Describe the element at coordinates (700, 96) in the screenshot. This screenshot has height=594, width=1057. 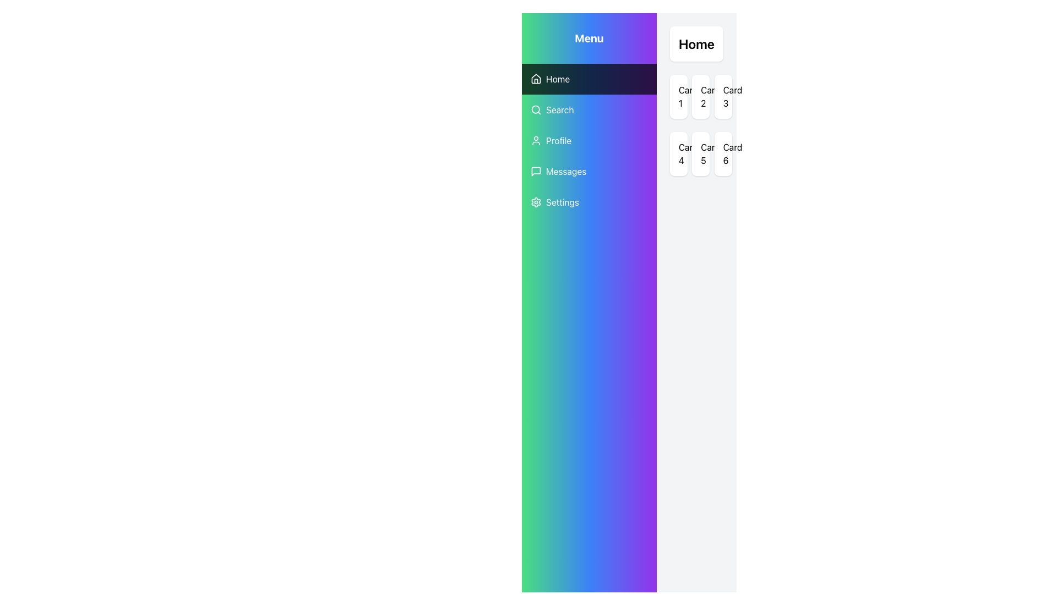
I see `the second card in the first row of the grid layout` at that location.